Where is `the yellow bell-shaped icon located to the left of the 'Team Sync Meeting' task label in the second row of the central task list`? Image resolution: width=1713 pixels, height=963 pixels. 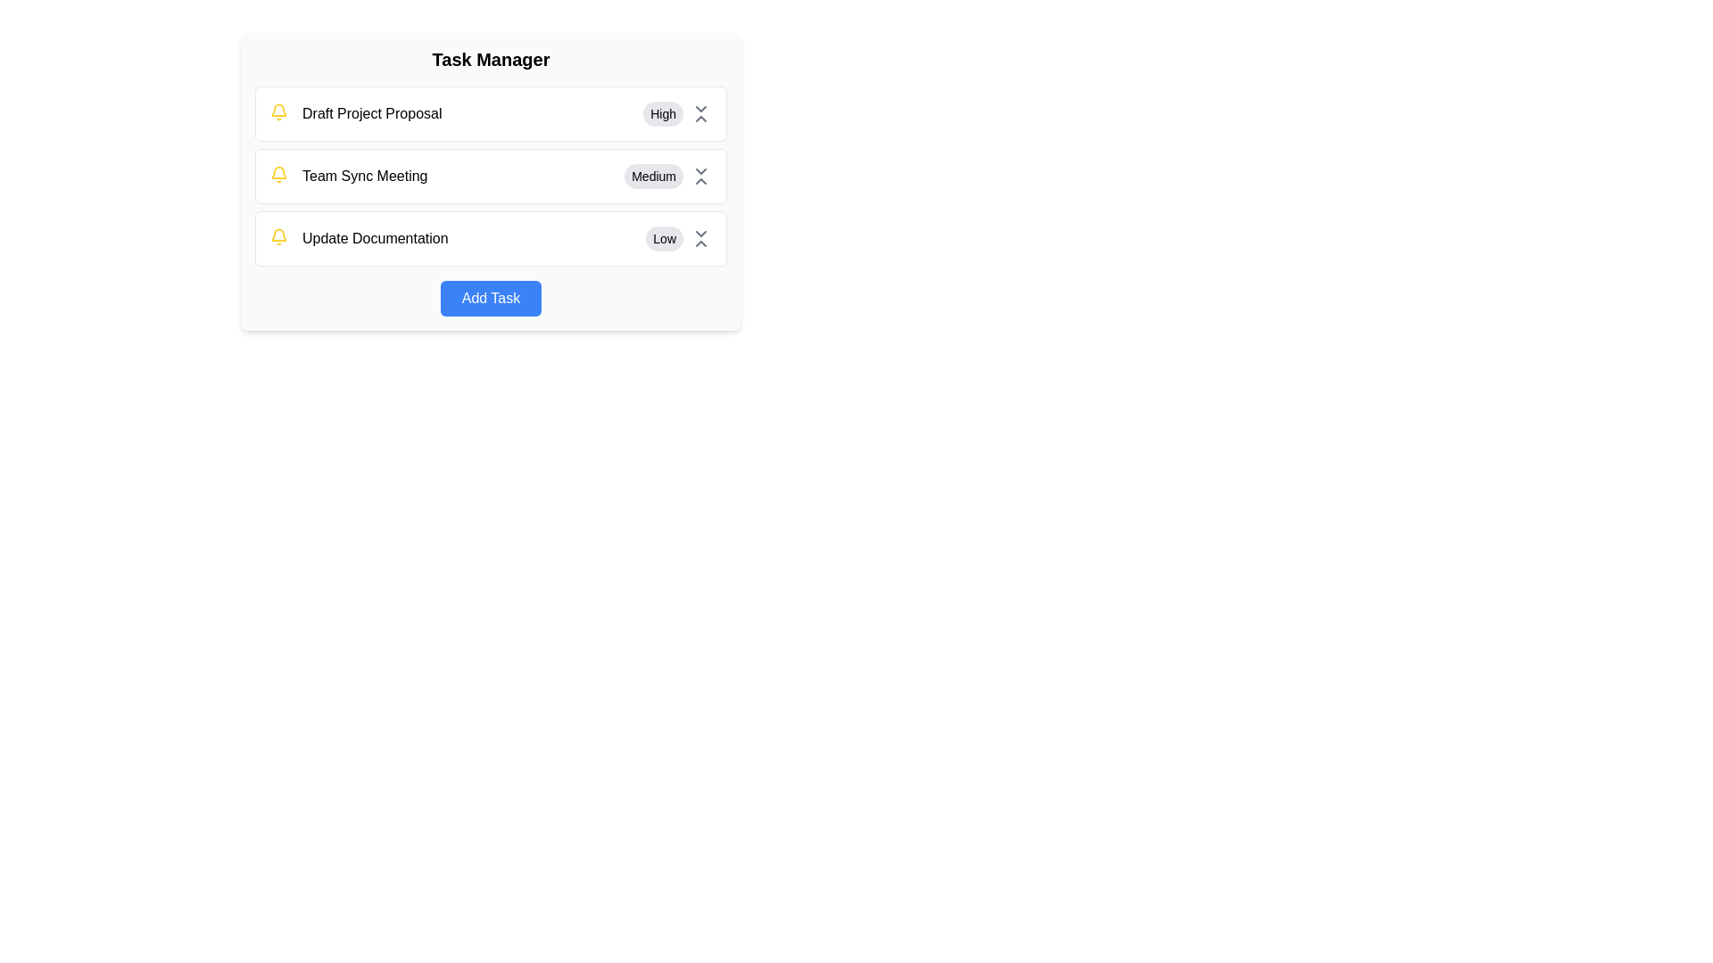
the yellow bell-shaped icon located to the left of the 'Team Sync Meeting' task label in the second row of the central task list is located at coordinates (277, 175).